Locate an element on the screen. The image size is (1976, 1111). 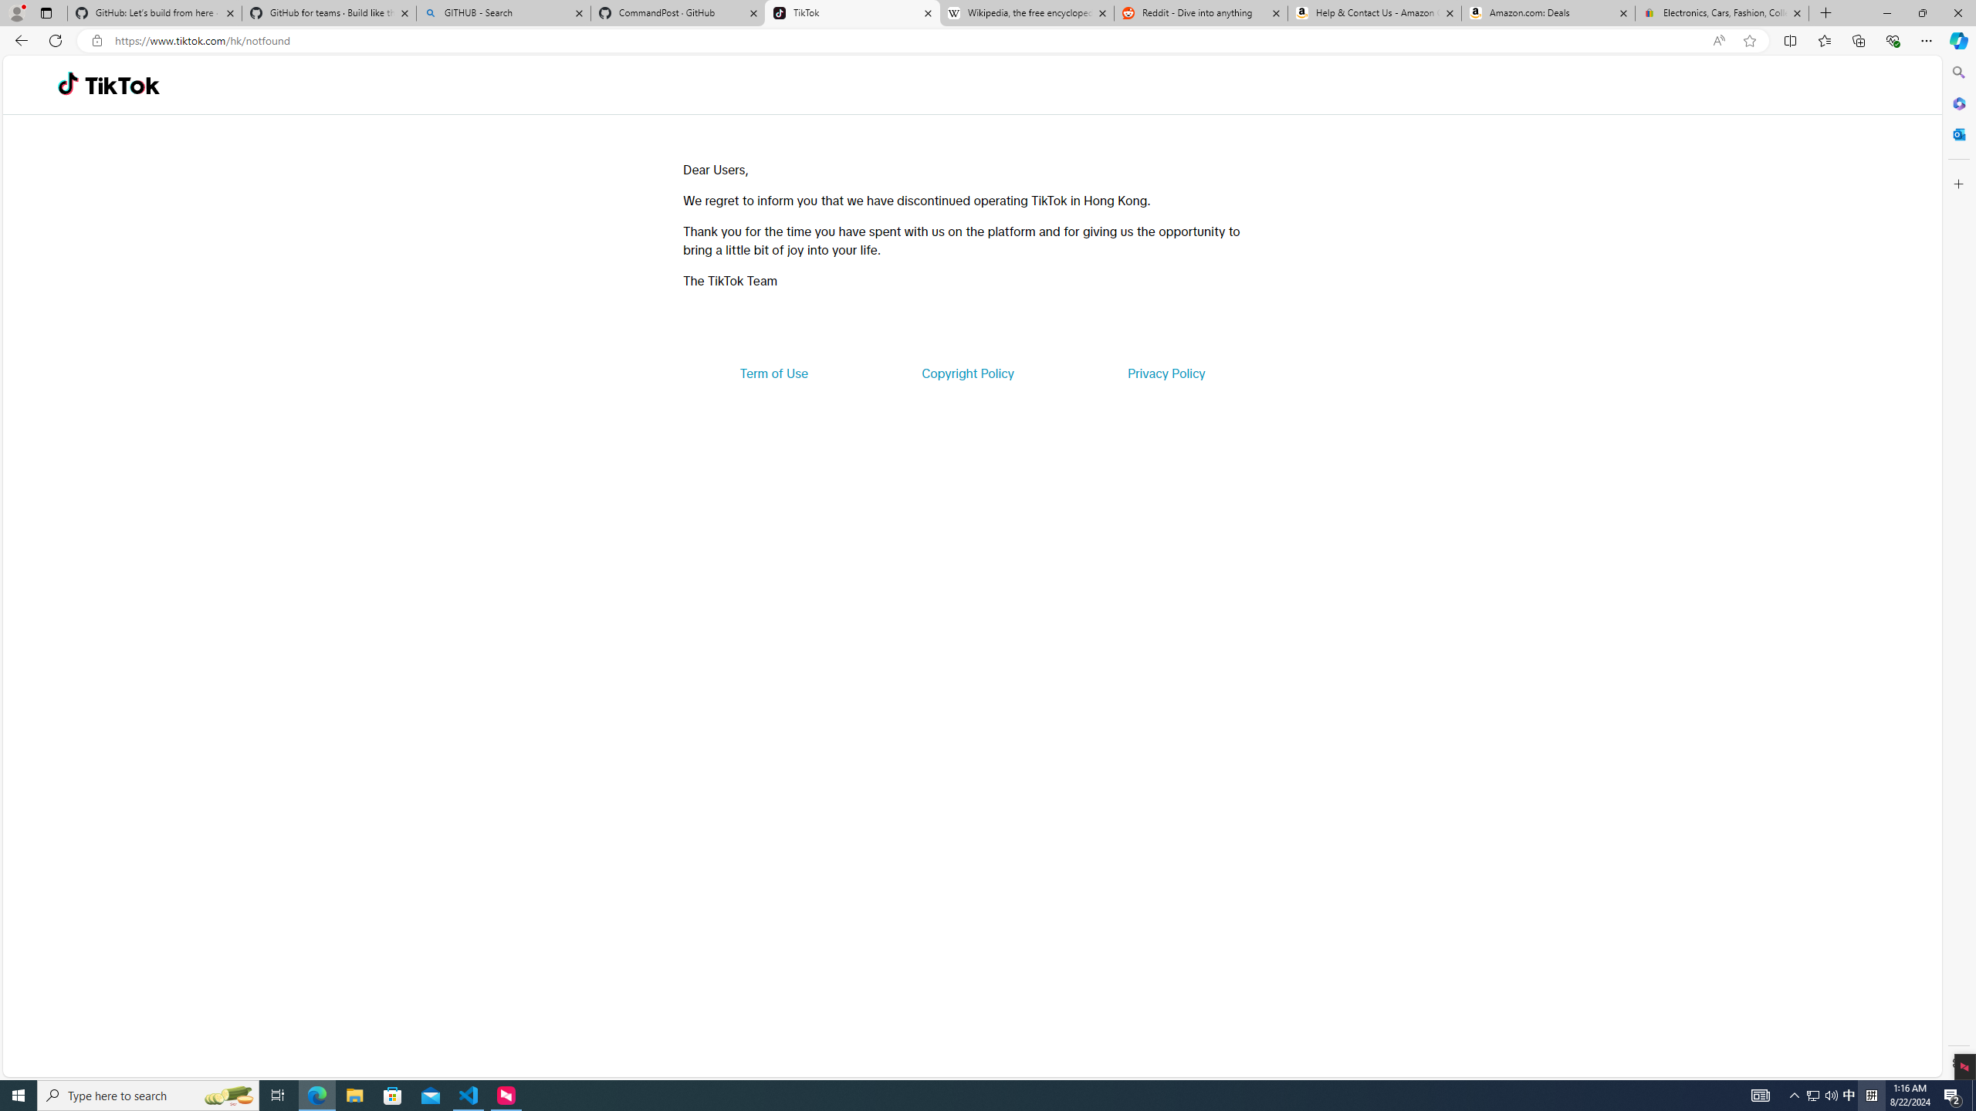
'Term of Use' is located at coordinates (773, 372).